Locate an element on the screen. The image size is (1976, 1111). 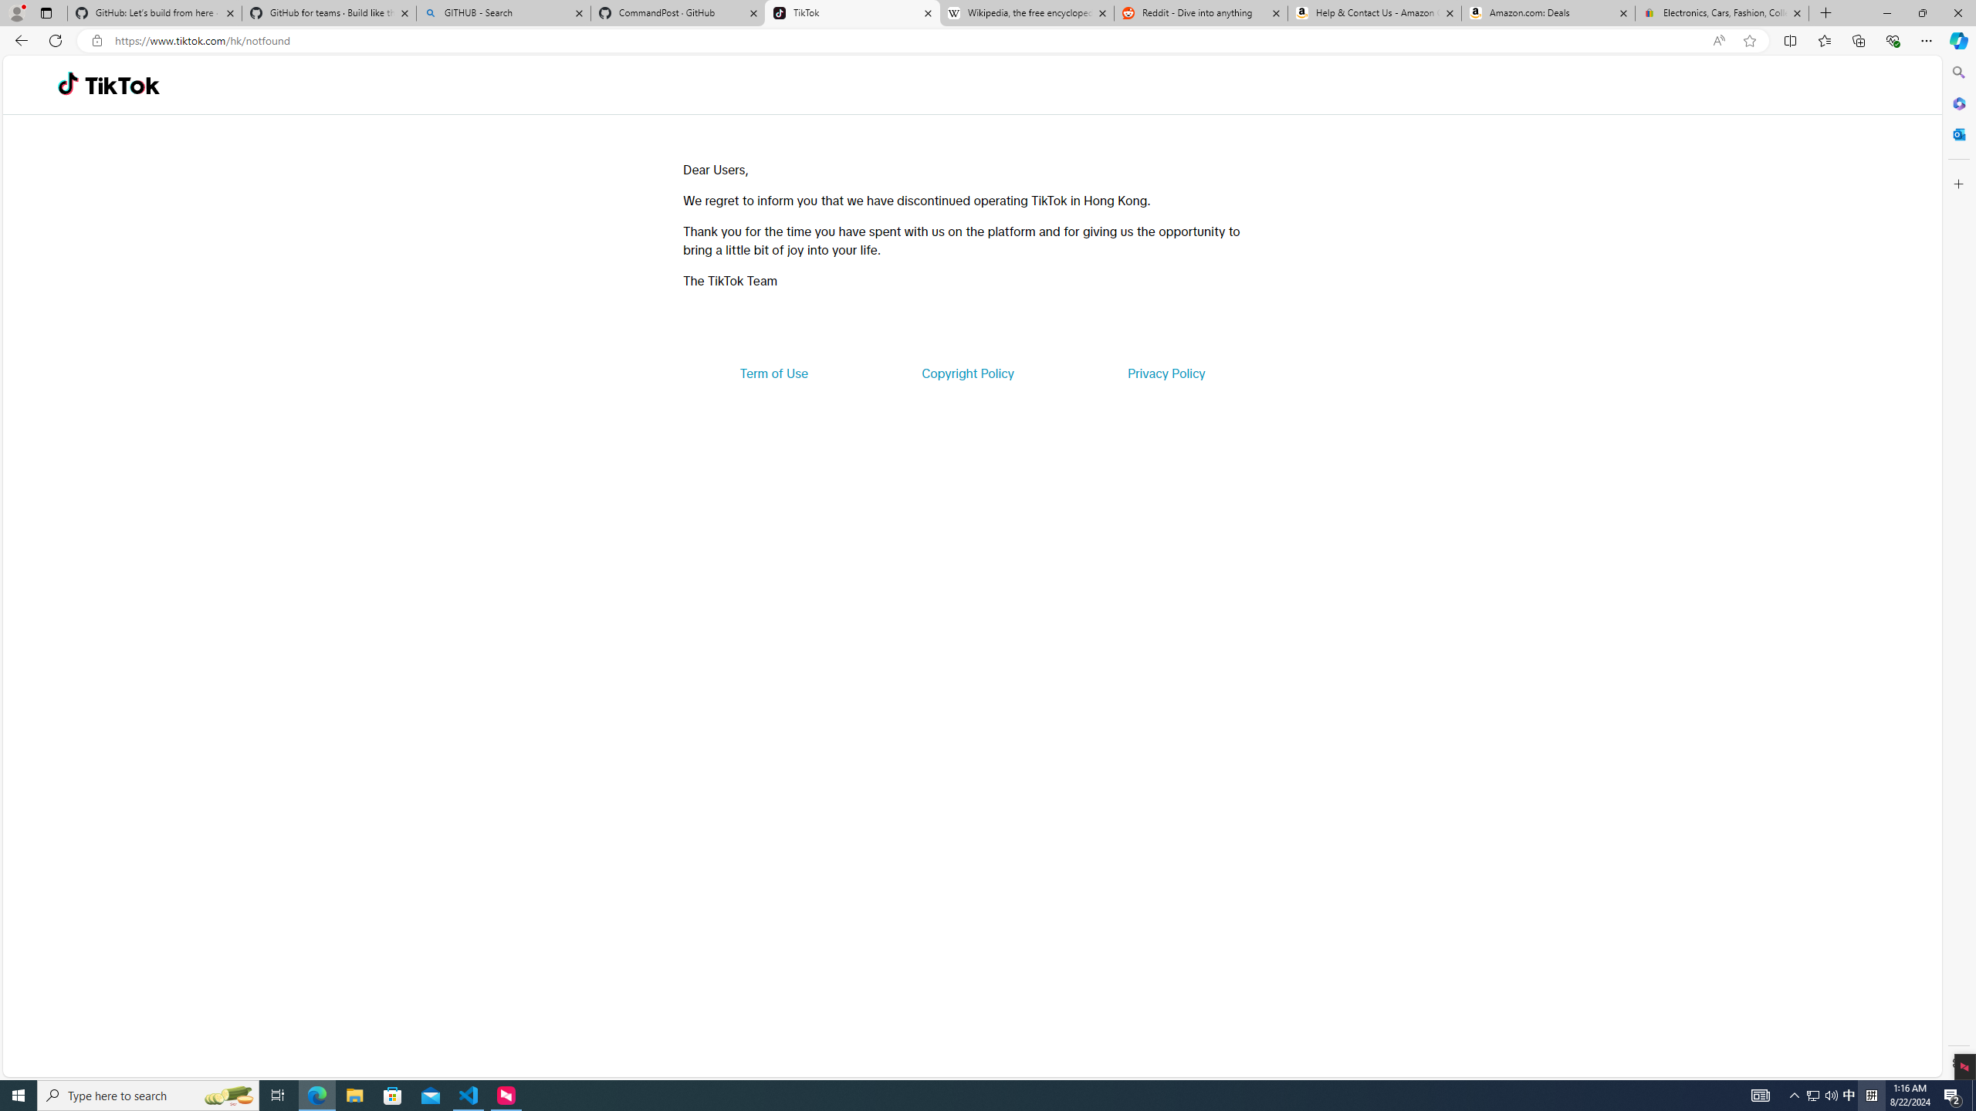
'Term of Use' is located at coordinates (773, 372).